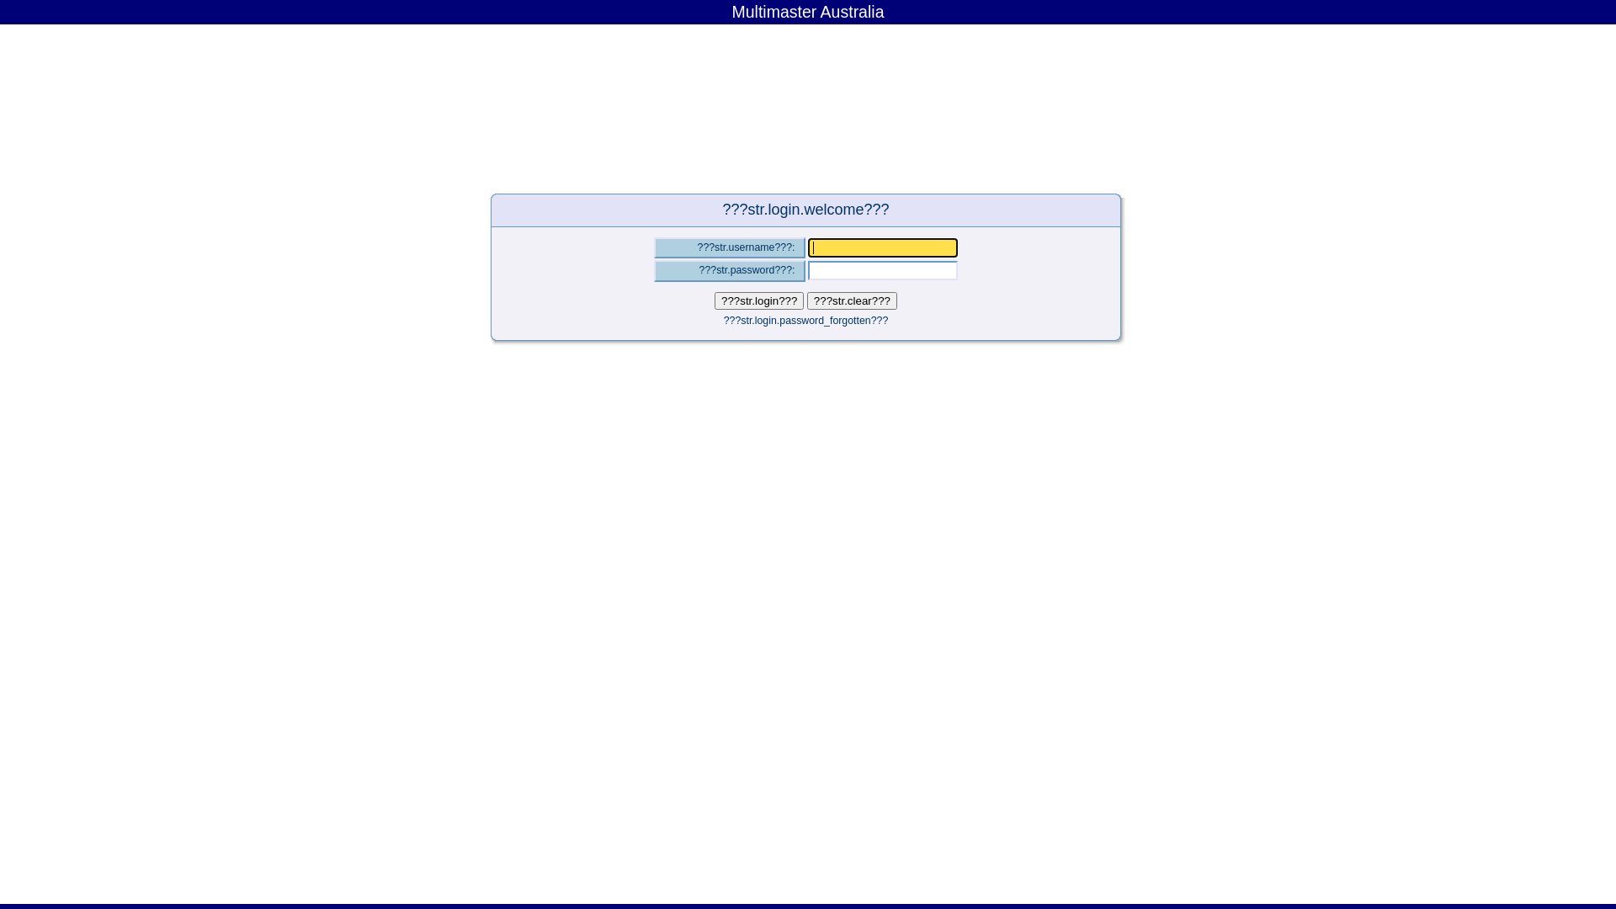 The width and height of the screenshot is (1616, 909). What do you see at coordinates (758, 299) in the screenshot?
I see `'???str.login???'` at bounding box center [758, 299].